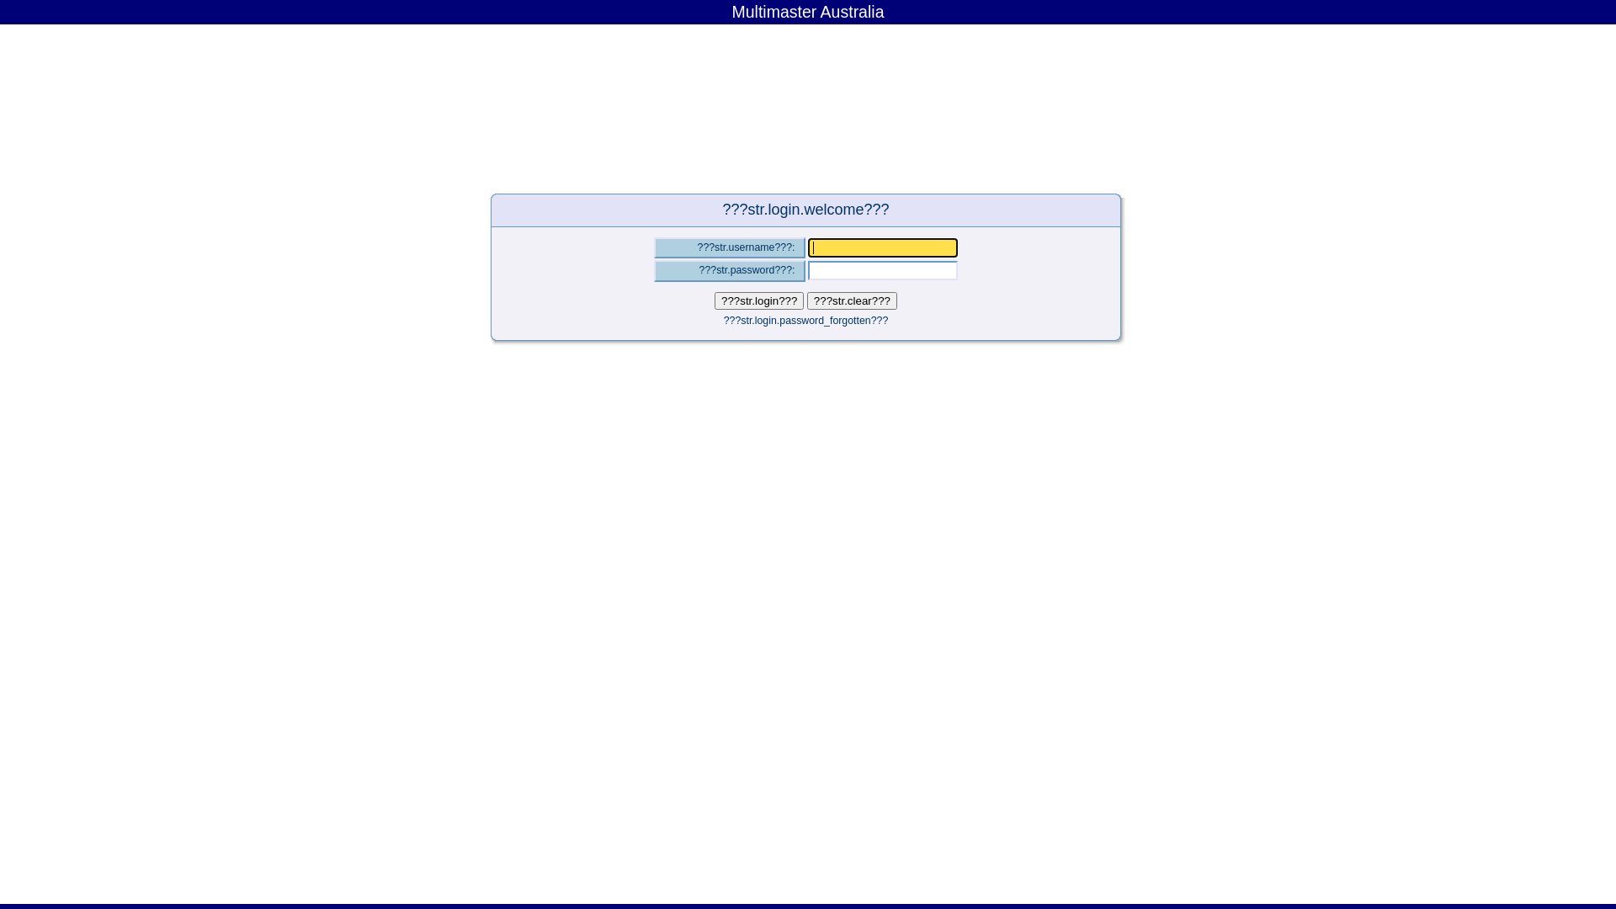 The width and height of the screenshot is (1616, 909). What do you see at coordinates (758, 299) in the screenshot?
I see `'???str.login???'` at bounding box center [758, 299].